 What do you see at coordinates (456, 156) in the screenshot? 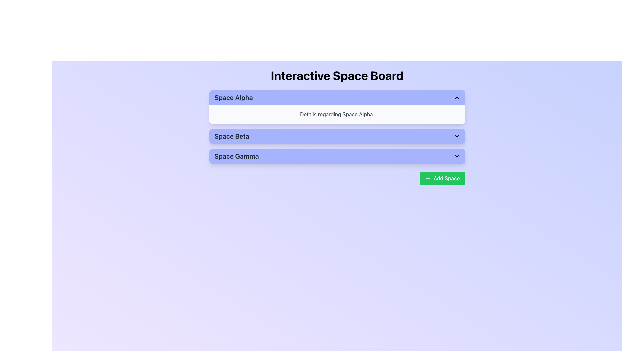
I see `the small downward-pointing chevron icon located to the right of the 'Space Gamma' text` at bounding box center [456, 156].